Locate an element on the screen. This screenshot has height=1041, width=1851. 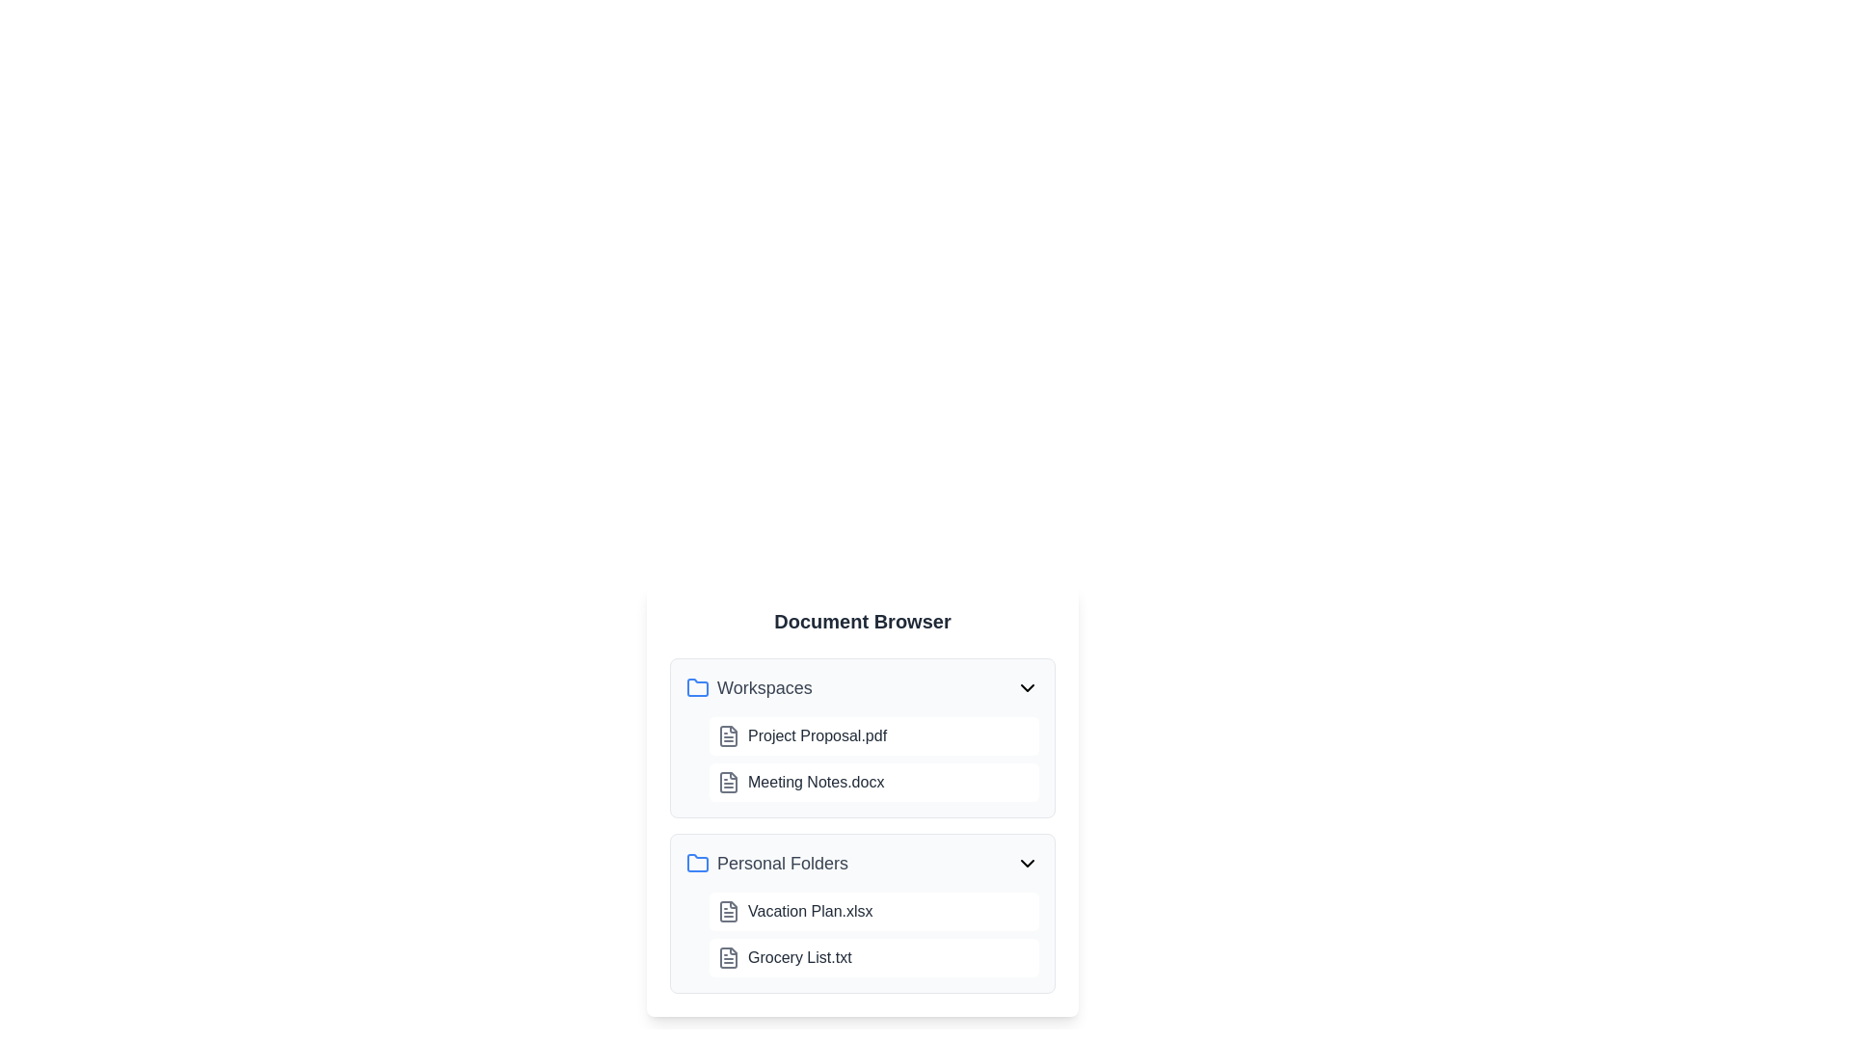
the List item containing the file icon and text label 'Meeting Notes.docx' within the 'Workspaces' document list is located at coordinates (873, 783).